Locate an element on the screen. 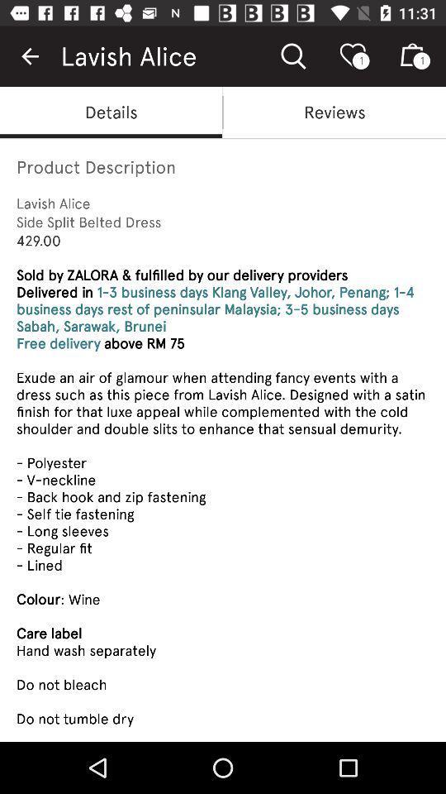 The width and height of the screenshot is (446, 794). the icon above the details item is located at coordinates (30, 56).